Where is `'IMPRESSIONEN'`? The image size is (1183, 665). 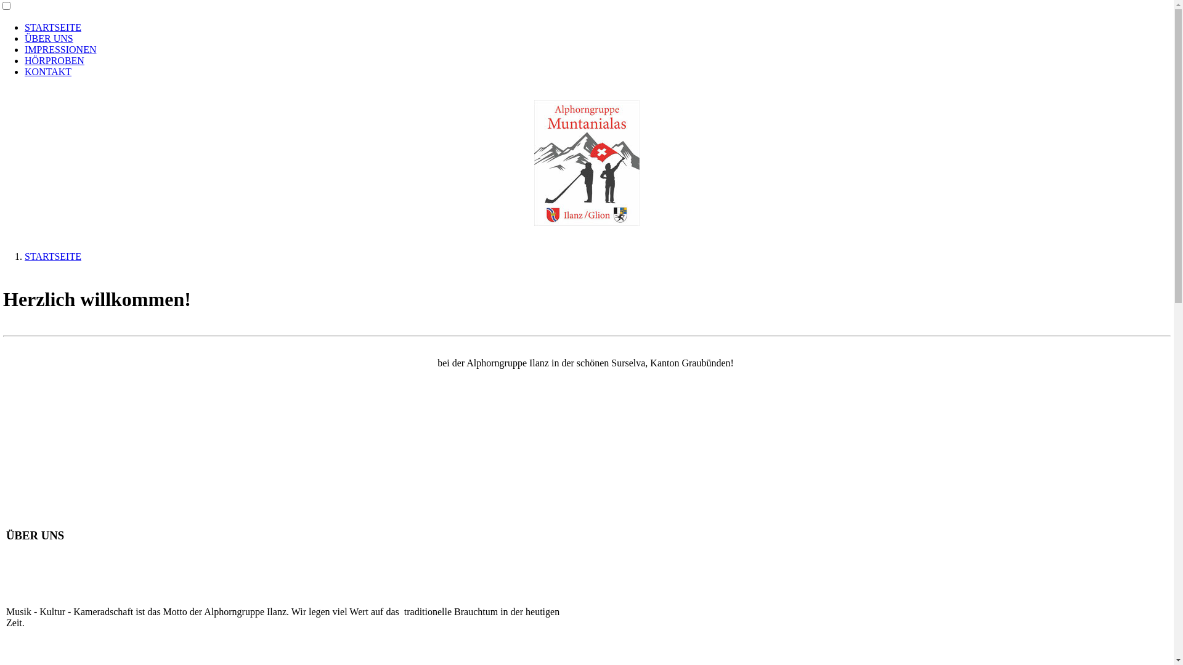
'IMPRESSIONEN' is located at coordinates (59, 49).